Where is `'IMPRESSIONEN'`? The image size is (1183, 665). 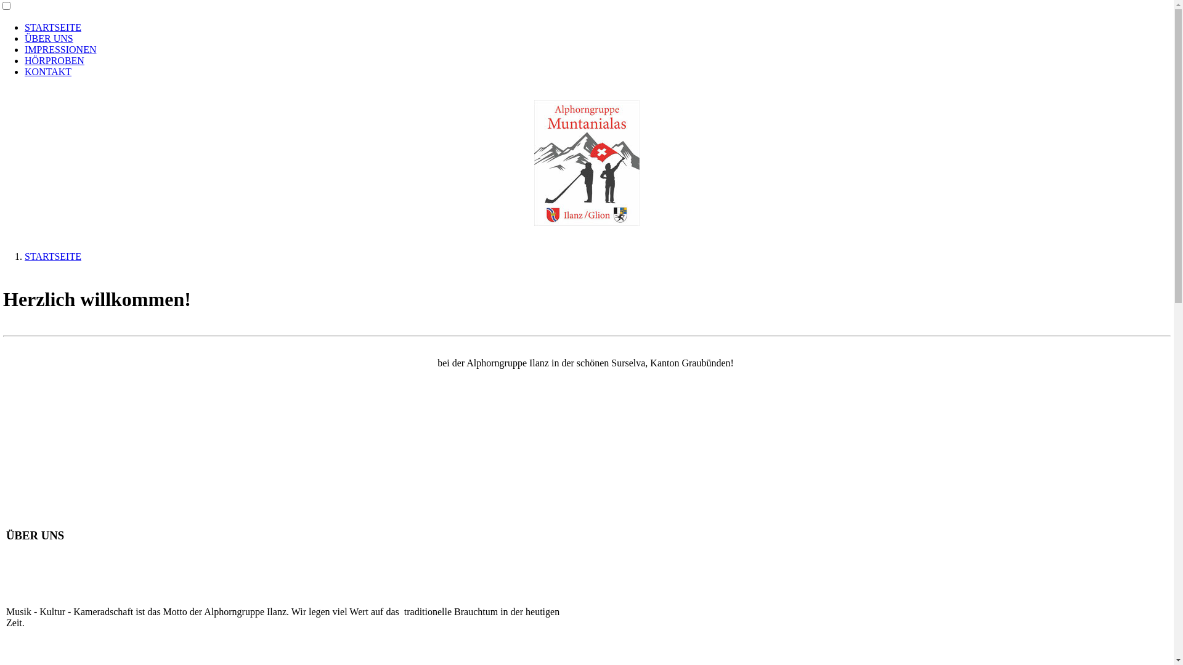
'IMPRESSIONEN' is located at coordinates (59, 49).